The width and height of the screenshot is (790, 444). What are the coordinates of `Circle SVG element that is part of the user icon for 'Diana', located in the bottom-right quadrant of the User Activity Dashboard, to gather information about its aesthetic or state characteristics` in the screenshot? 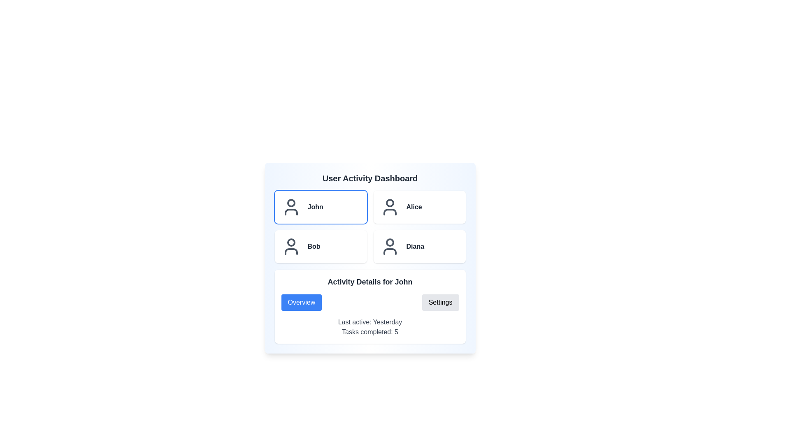 It's located at (389, 242).